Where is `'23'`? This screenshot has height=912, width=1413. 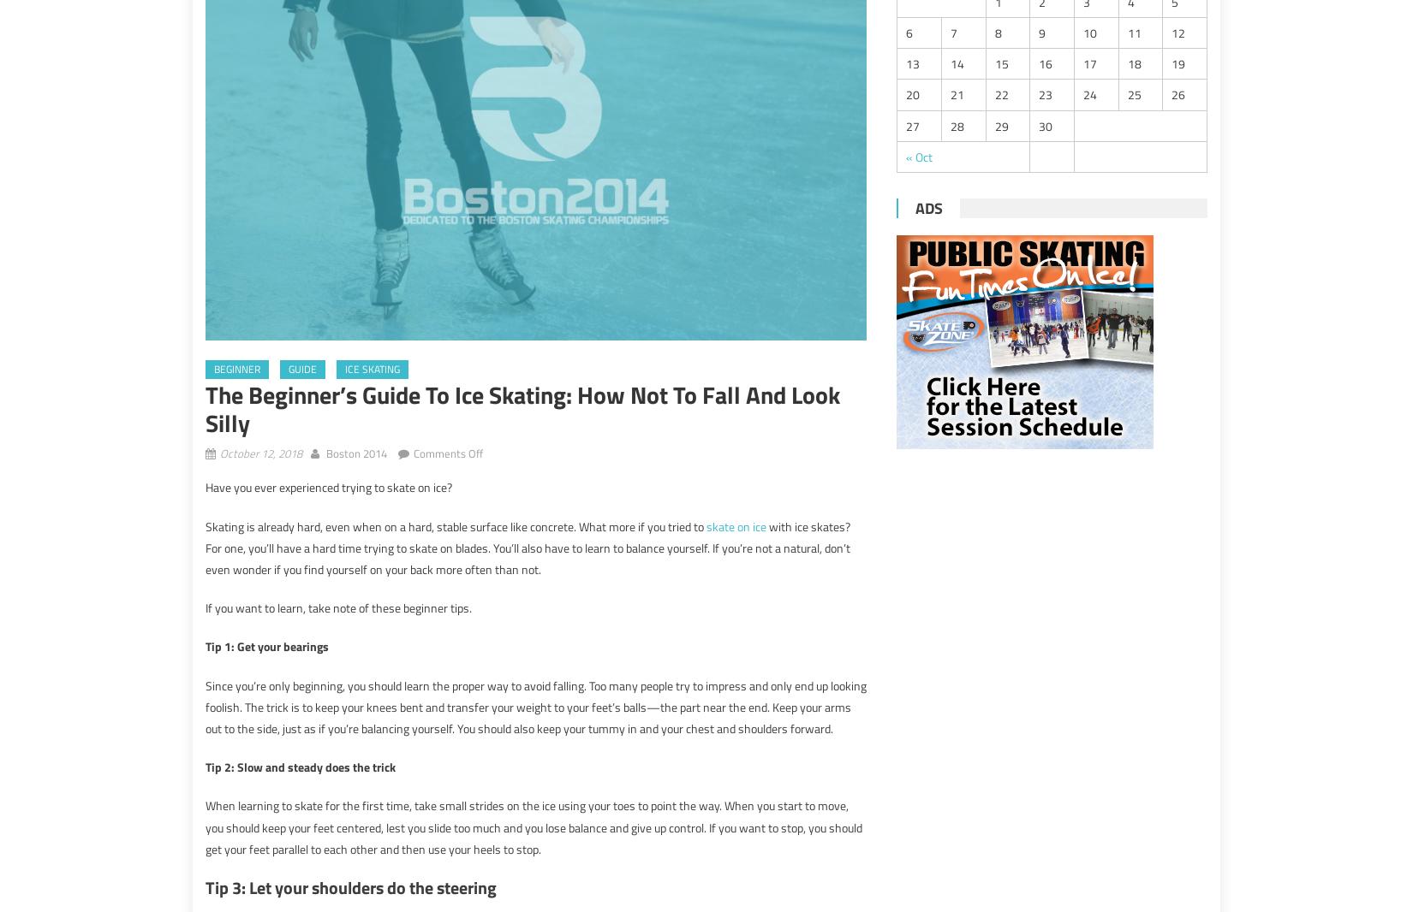
'23' is located at coordinates (1046, 93).